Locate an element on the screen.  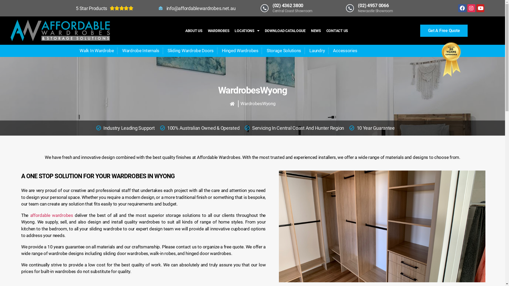
'Storage Solutions' is located at coordinates (265, 51).